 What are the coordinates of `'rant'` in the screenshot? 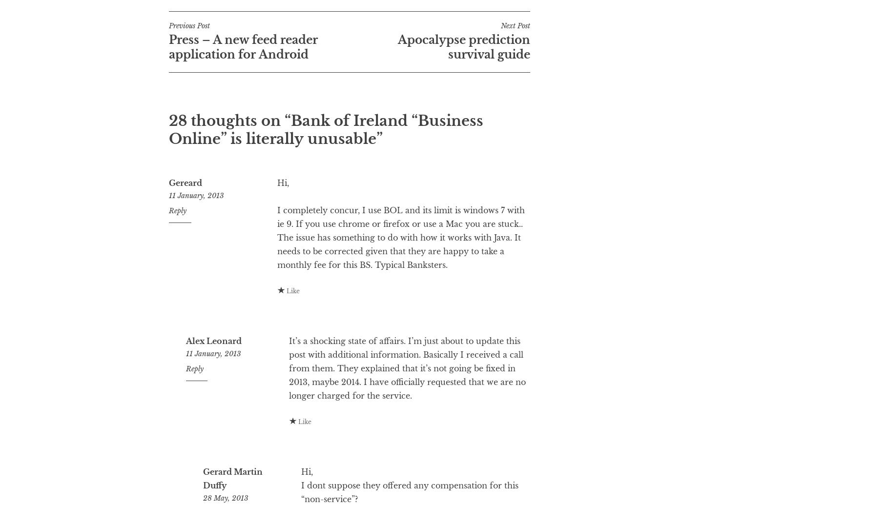 It's located at (259, 16).